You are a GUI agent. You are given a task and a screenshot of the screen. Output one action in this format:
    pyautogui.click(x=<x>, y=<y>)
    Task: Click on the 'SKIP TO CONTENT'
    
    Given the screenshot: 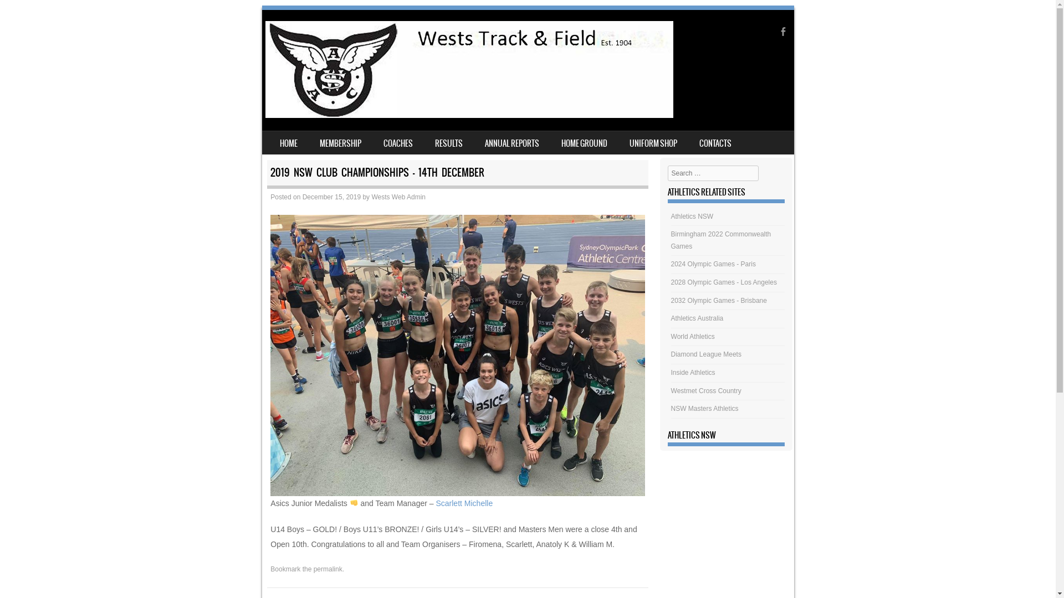 What is the action you would take?
    pyautogui.click(x=260, y=138)
    